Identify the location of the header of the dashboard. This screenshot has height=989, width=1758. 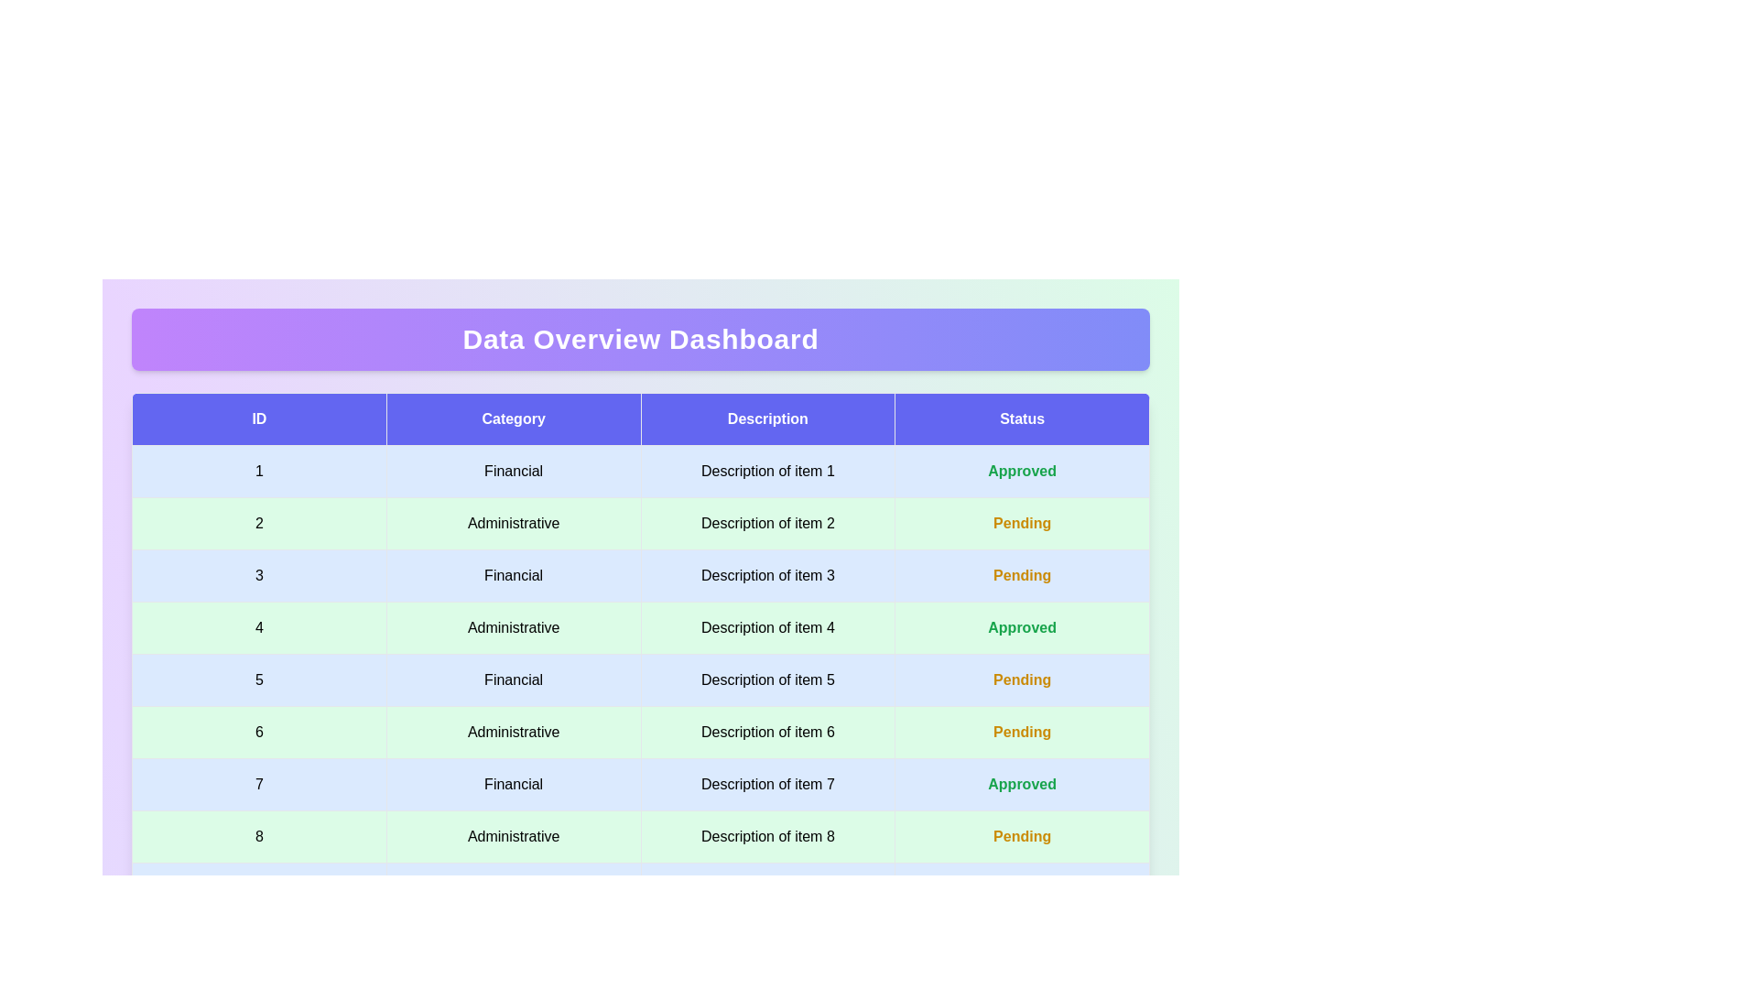
(641, 339).